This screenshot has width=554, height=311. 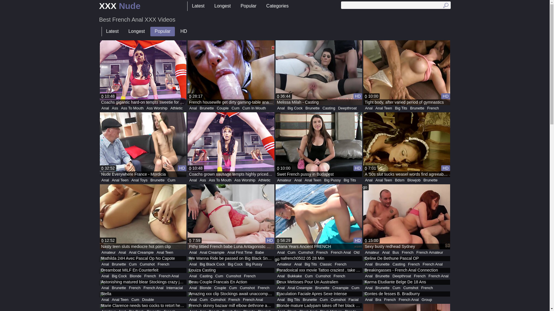 I want to click on 'Amafrench0502 05 28 Min, so click(x=318, y=258).